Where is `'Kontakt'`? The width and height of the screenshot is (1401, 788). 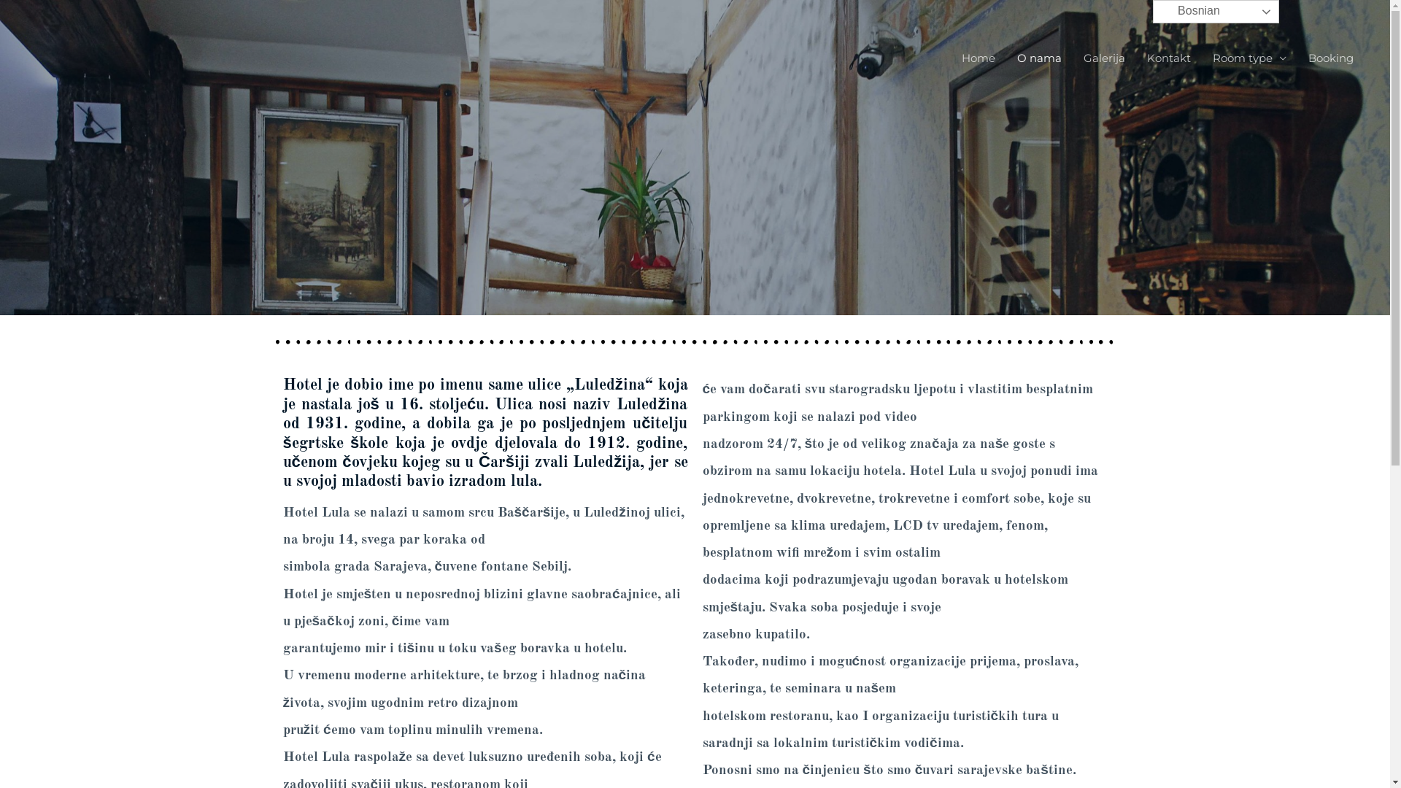
'Kontakt' is located at coordinates (1169, 58).